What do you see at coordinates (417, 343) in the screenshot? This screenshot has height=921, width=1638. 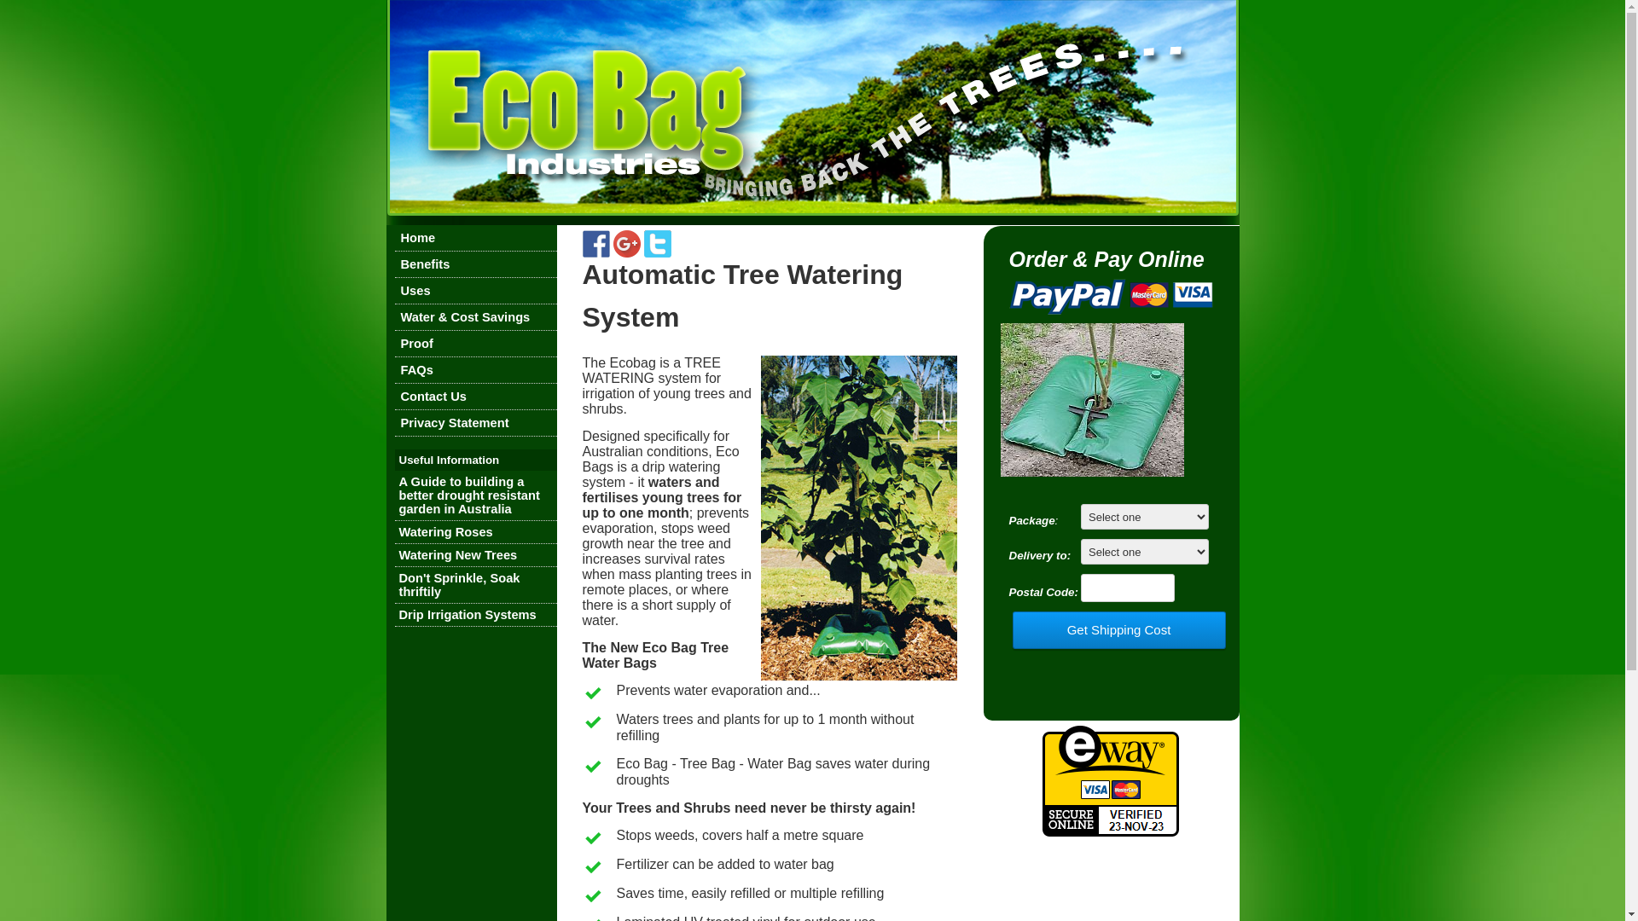 I see `'Proof'` at bounding box center [417, 343].